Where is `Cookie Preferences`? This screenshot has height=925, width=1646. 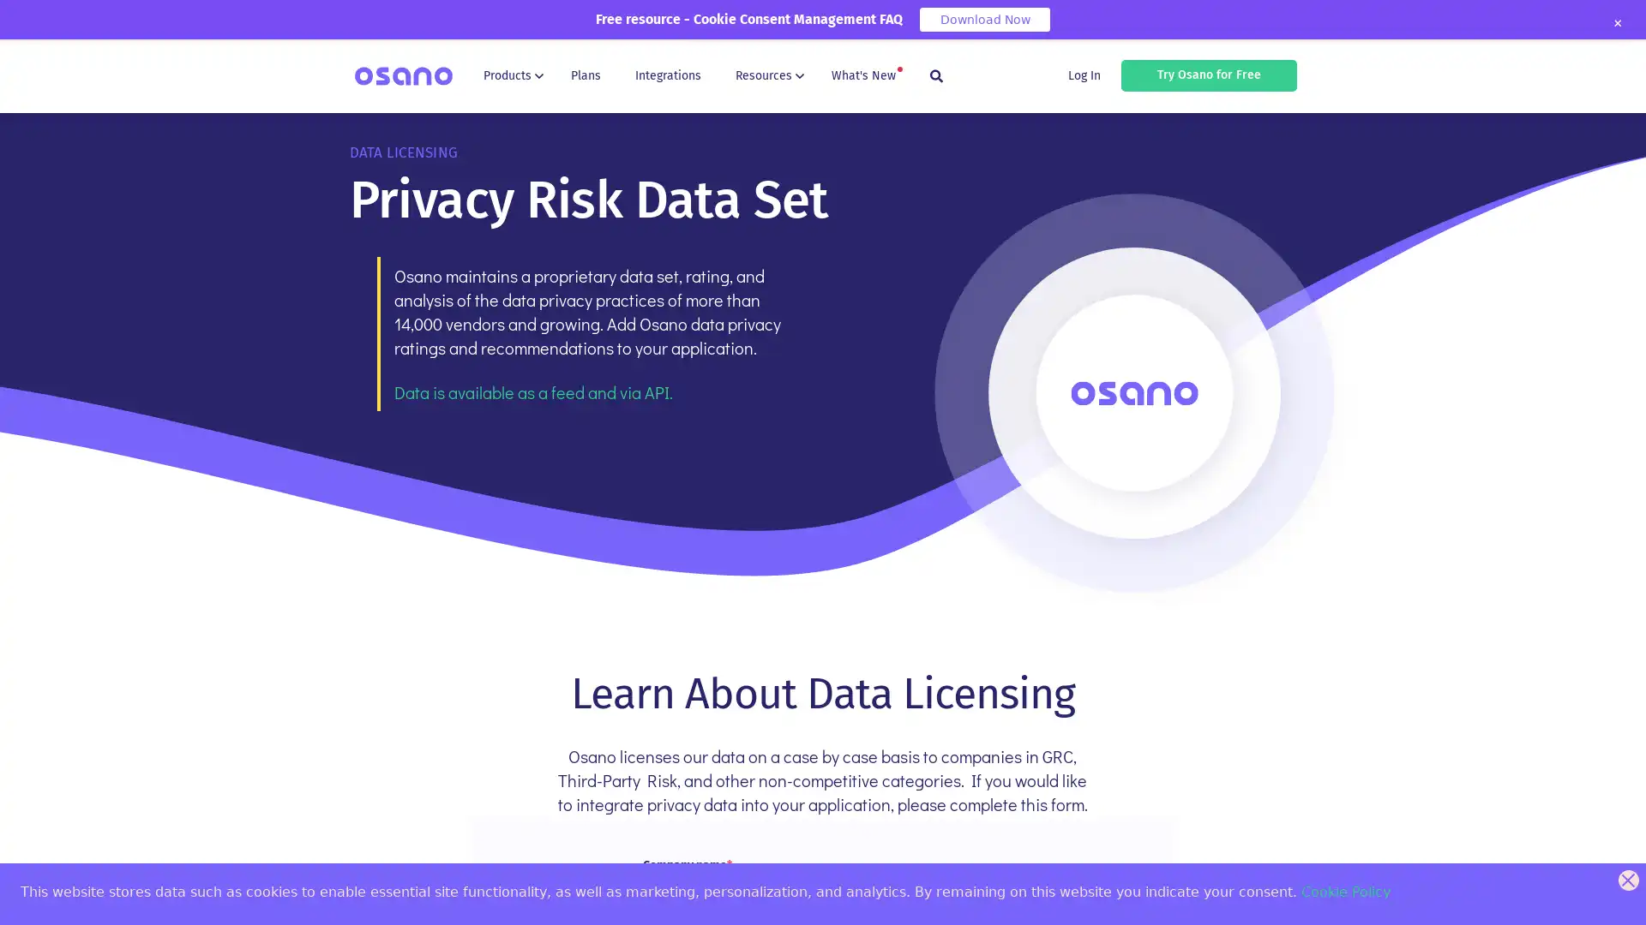
Cookie Preferences is located at coordinates (27, 897).